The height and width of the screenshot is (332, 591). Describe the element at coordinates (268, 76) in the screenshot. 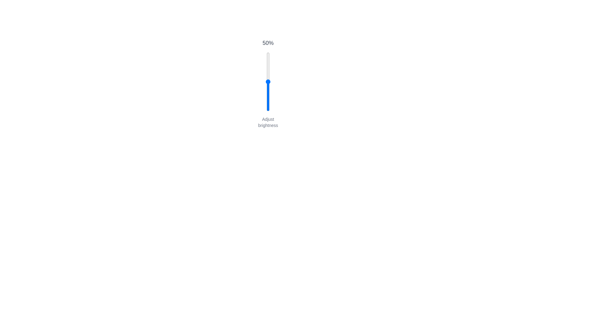

I see `brightness` at that location.